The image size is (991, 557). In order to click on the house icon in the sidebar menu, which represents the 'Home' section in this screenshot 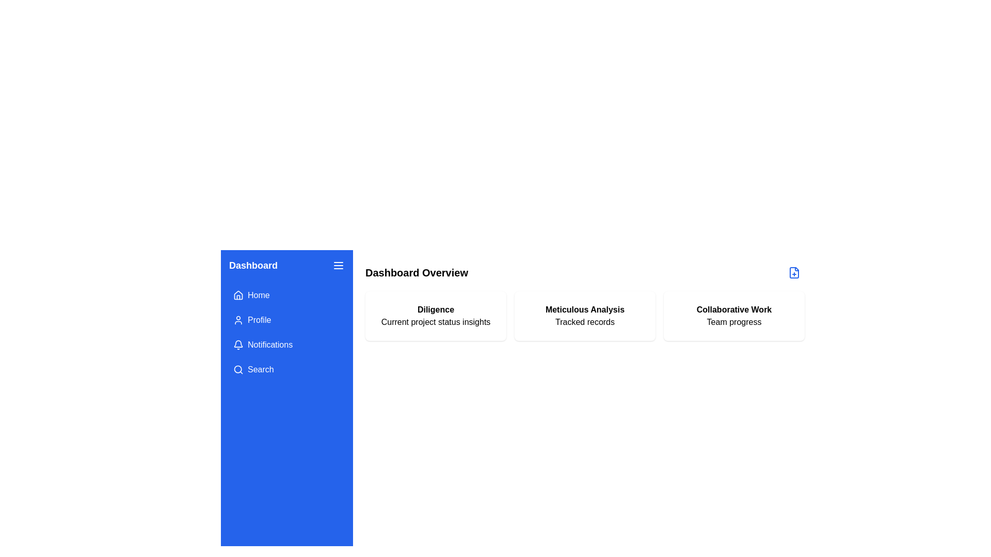, I will do `click(237, 294)`.